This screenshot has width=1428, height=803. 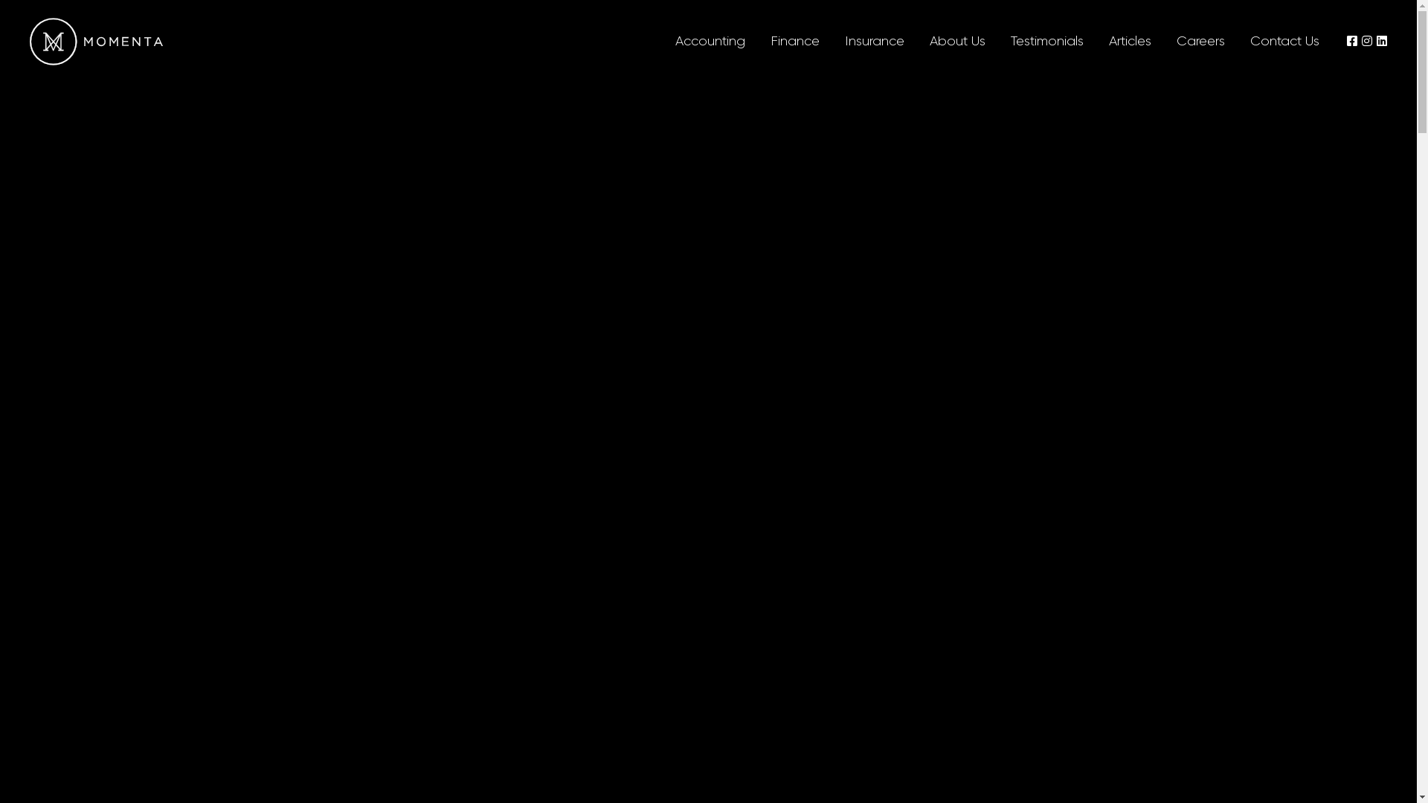 What do you see at coordinates (794, 41) in the screenshot?
I see `'Finance'` at bounding box center [794, 41].